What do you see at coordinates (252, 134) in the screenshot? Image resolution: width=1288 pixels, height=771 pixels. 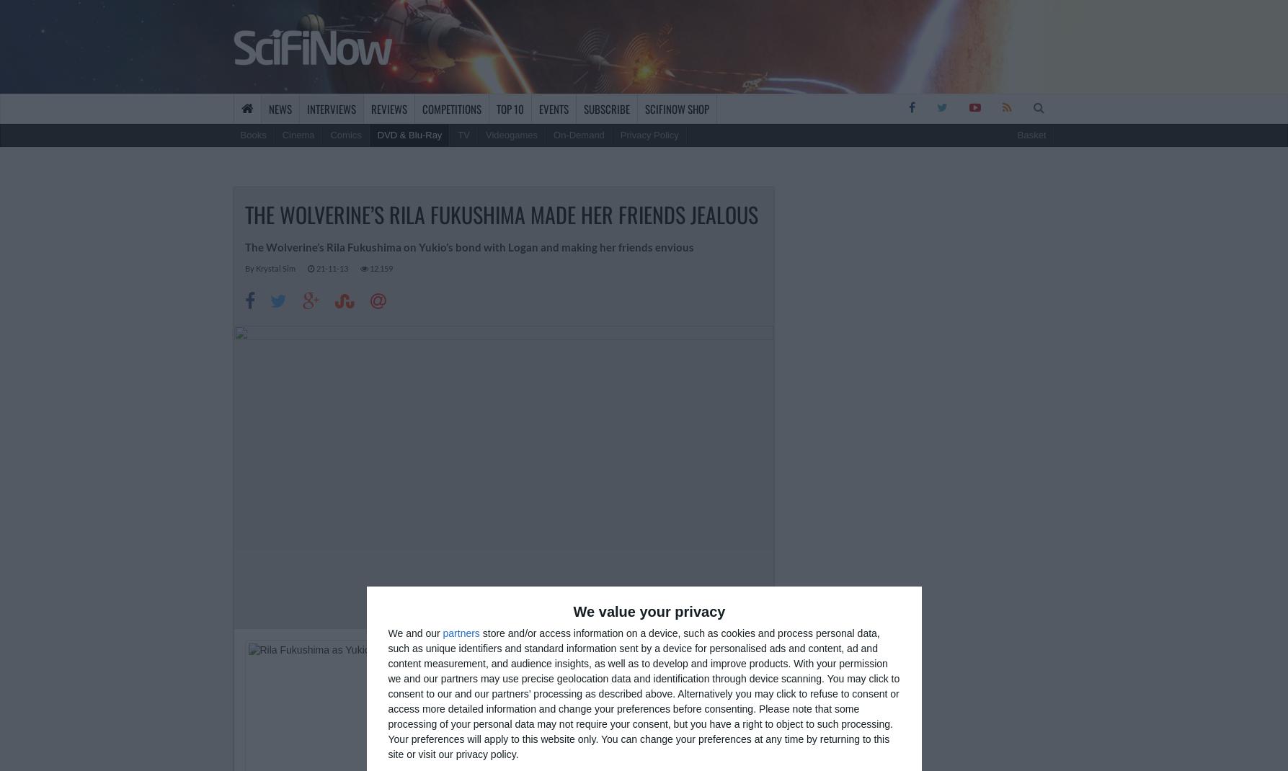 I see `'Books'` at bounding box center [252, 134].